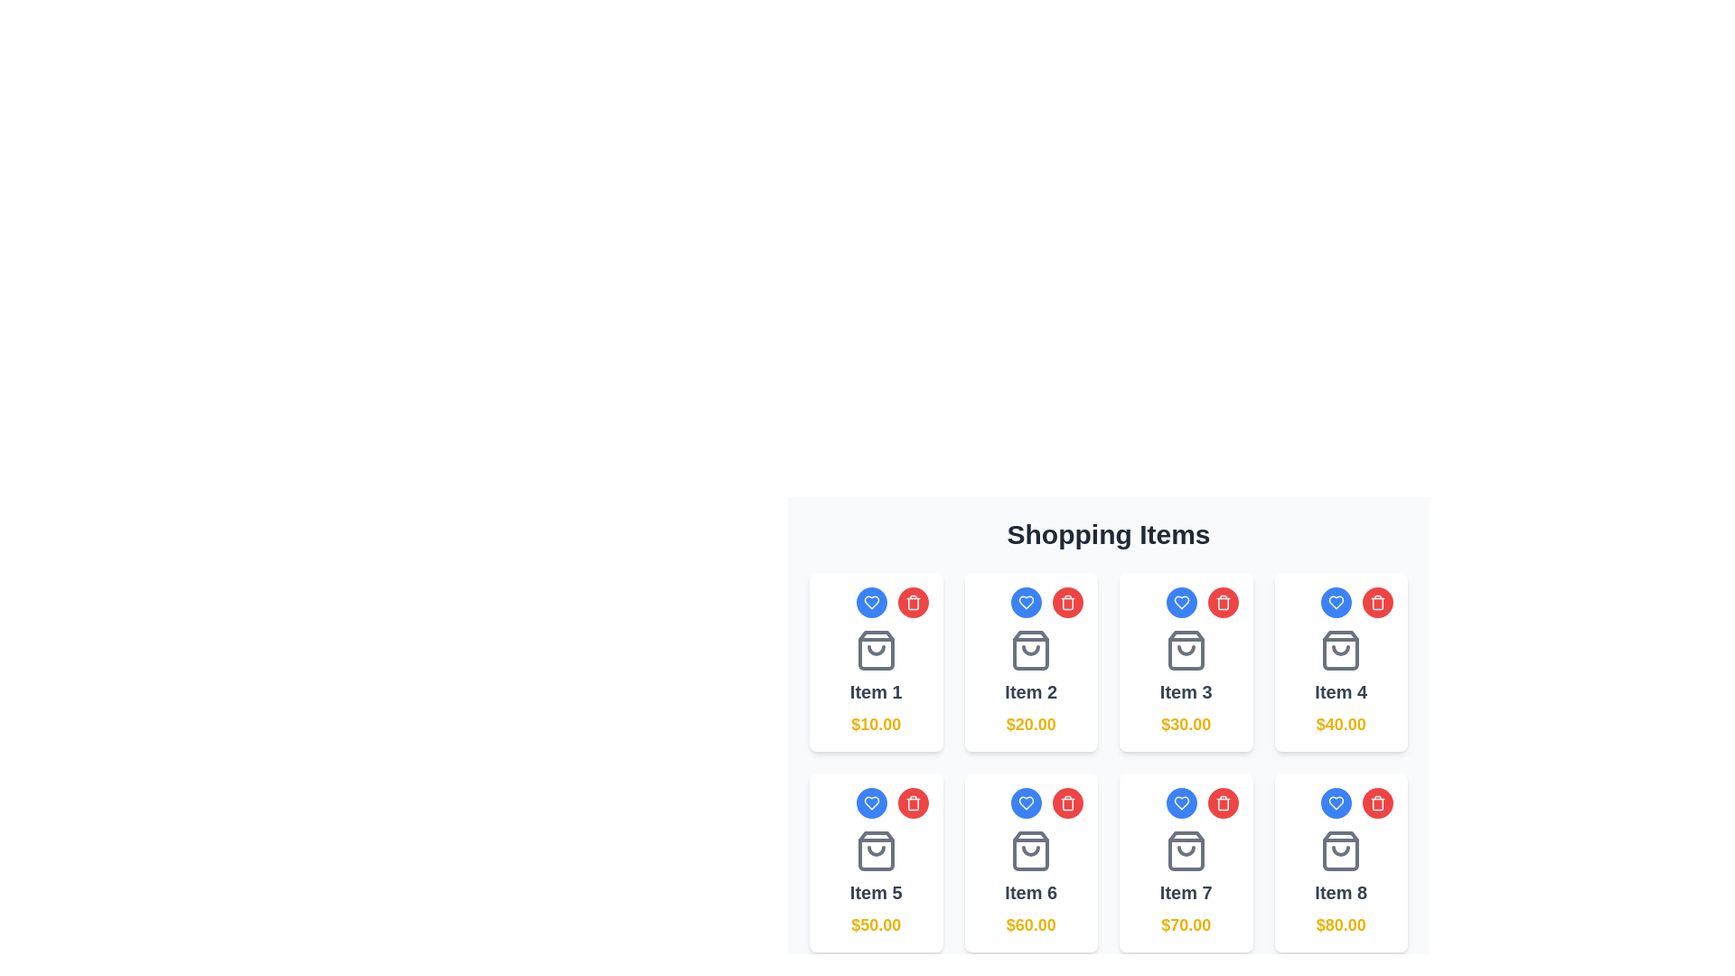 The height and width of the screenshot is (976, 1735). I want to click on the heart icon button located at the top-left corner of the grid structure to mark the item as favorite, so click(871, 603).